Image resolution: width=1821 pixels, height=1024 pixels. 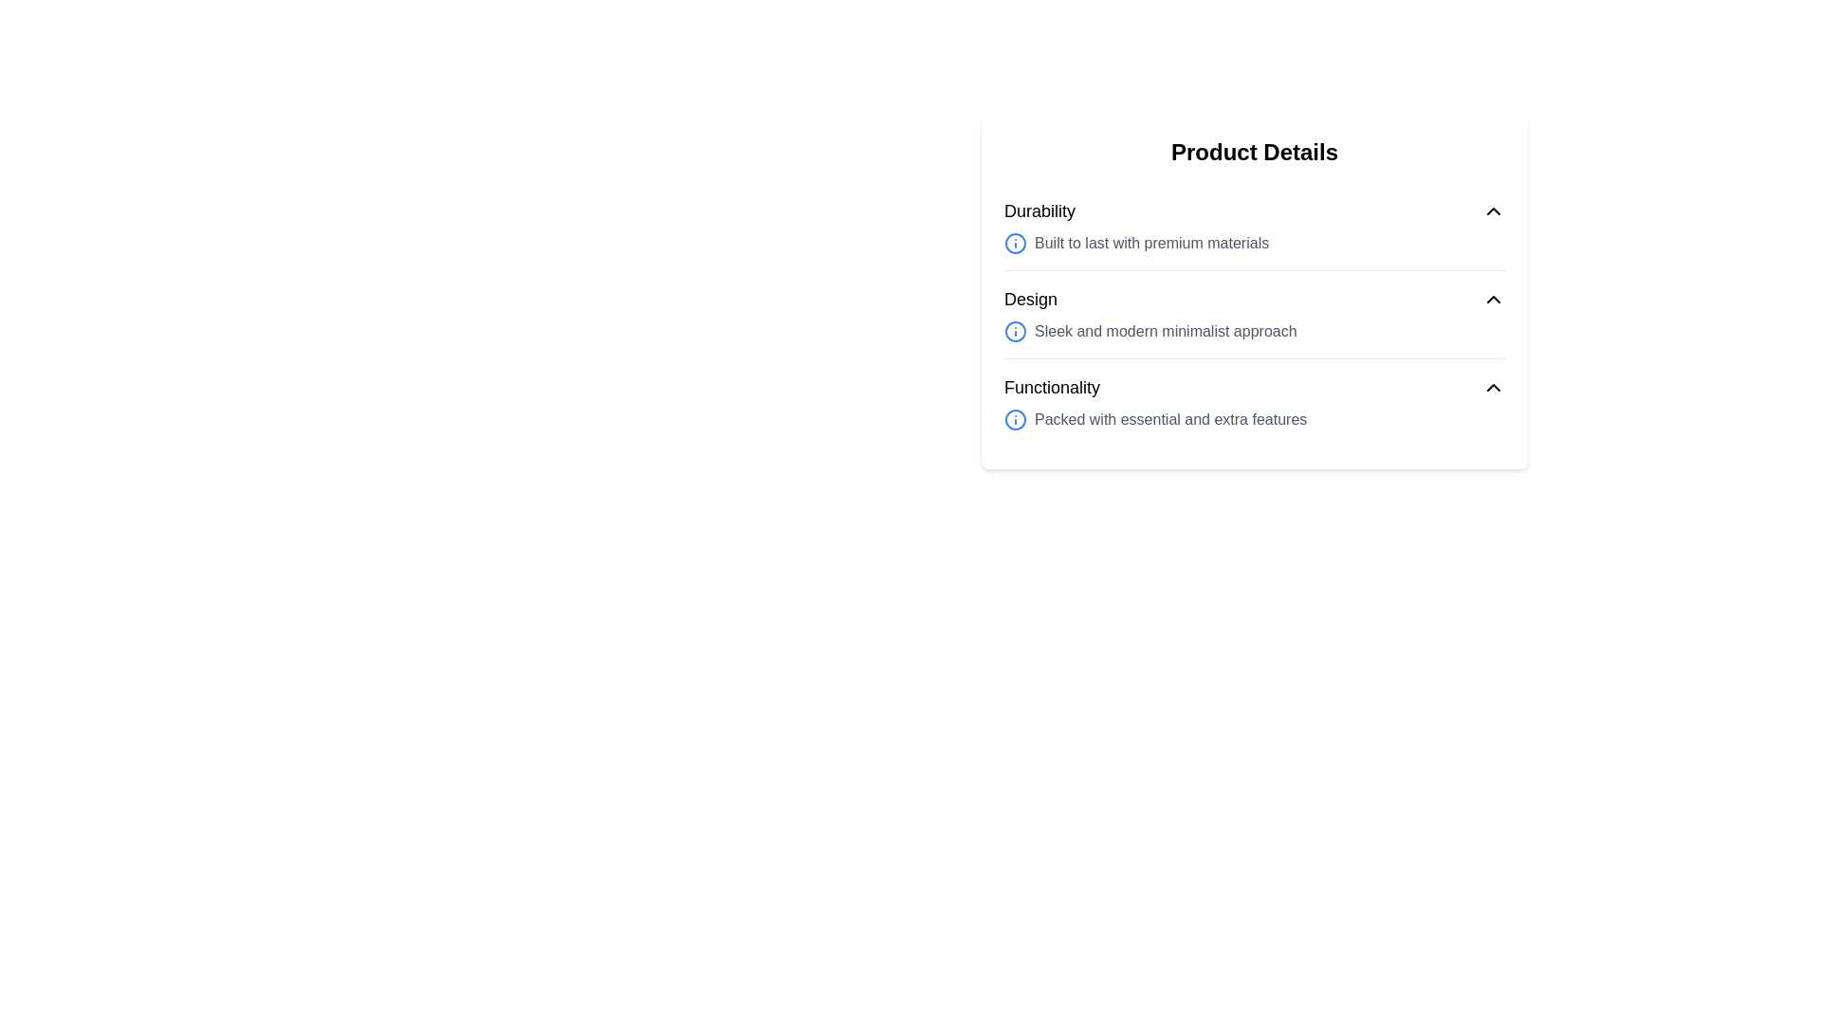 What do you see at coordinates (1255, 243) in the screenshot?
I see `static text labeled 'Built to last with premium materials' located under the 'Durability' heading, which includes an informational icon on the left` at bounding box center [1255, 243].